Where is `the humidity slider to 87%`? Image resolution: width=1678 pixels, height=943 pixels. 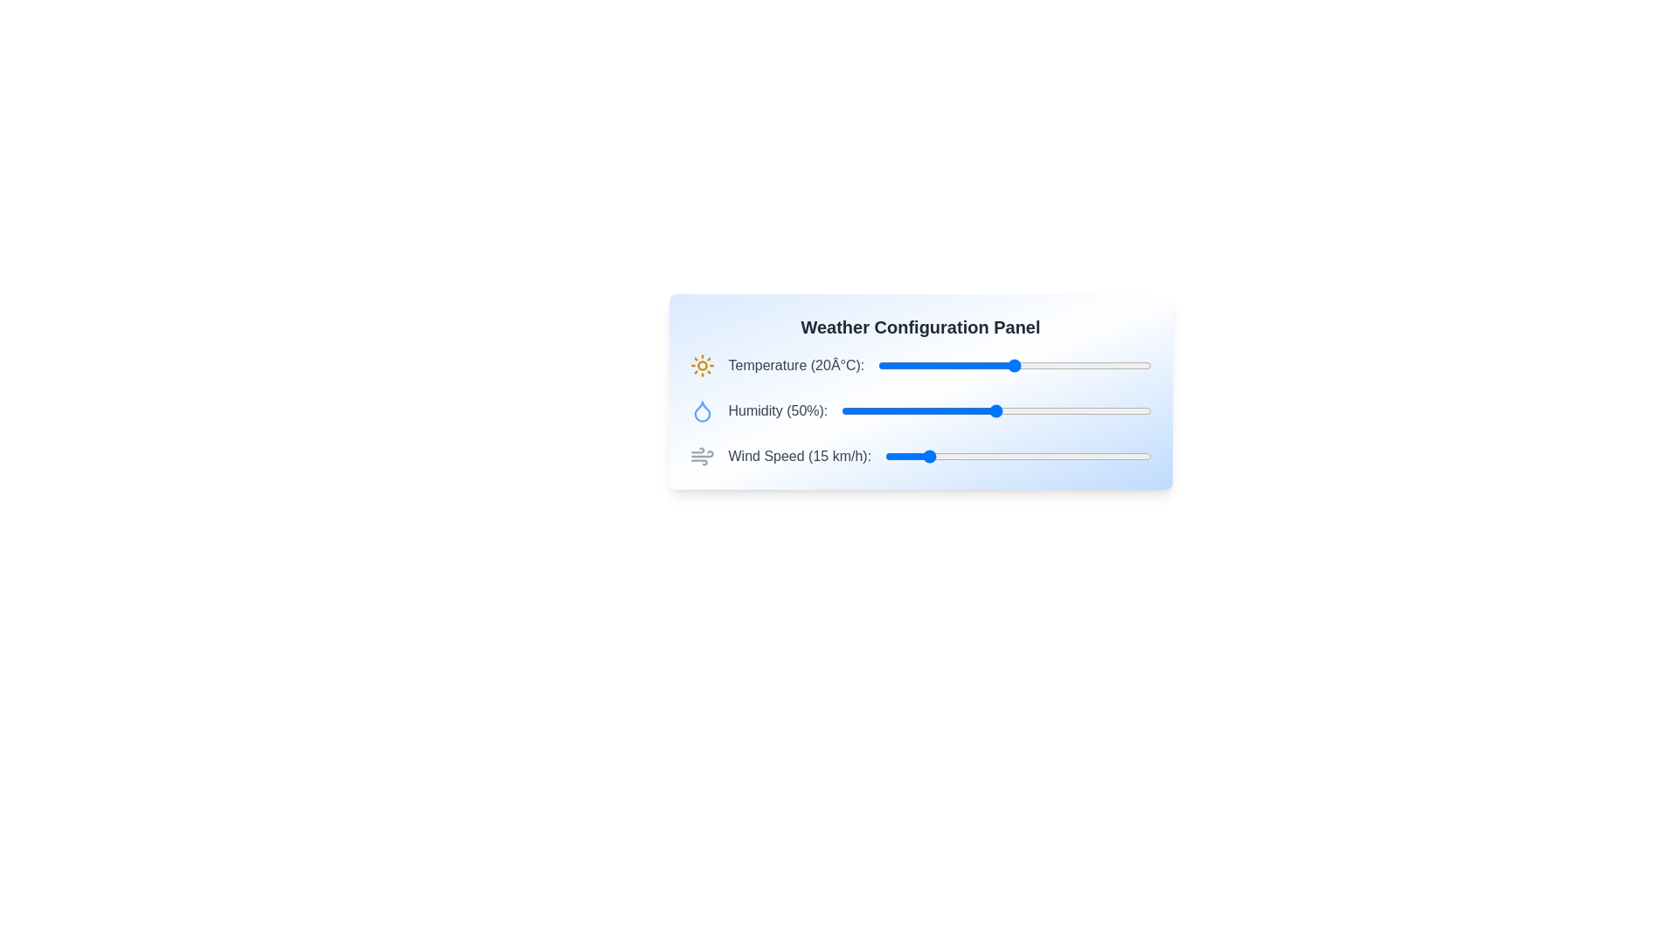
the humidity slider to 87% is located at coordinates (1110, 410).